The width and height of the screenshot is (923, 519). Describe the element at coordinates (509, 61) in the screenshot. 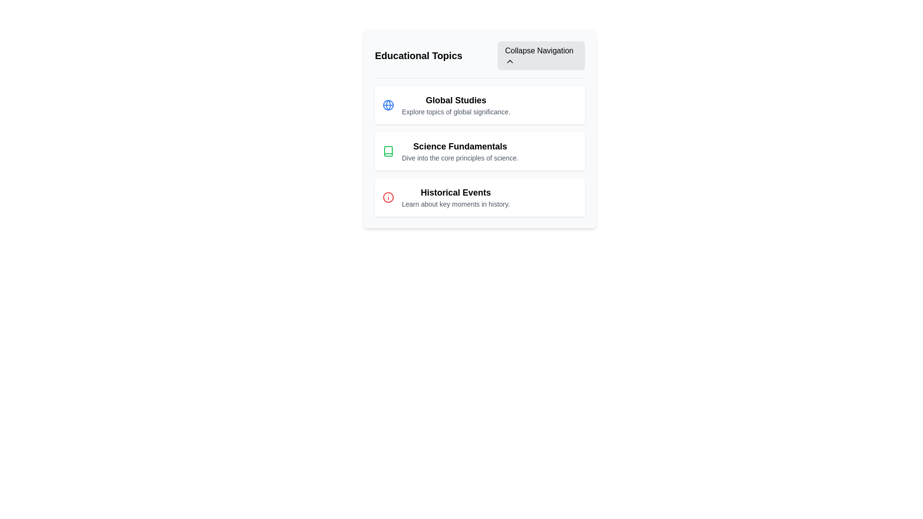

I see `the chevron-up icon within the 'Collapse Navigation' button at the top right of the 'Educational Topics' card` at that location.